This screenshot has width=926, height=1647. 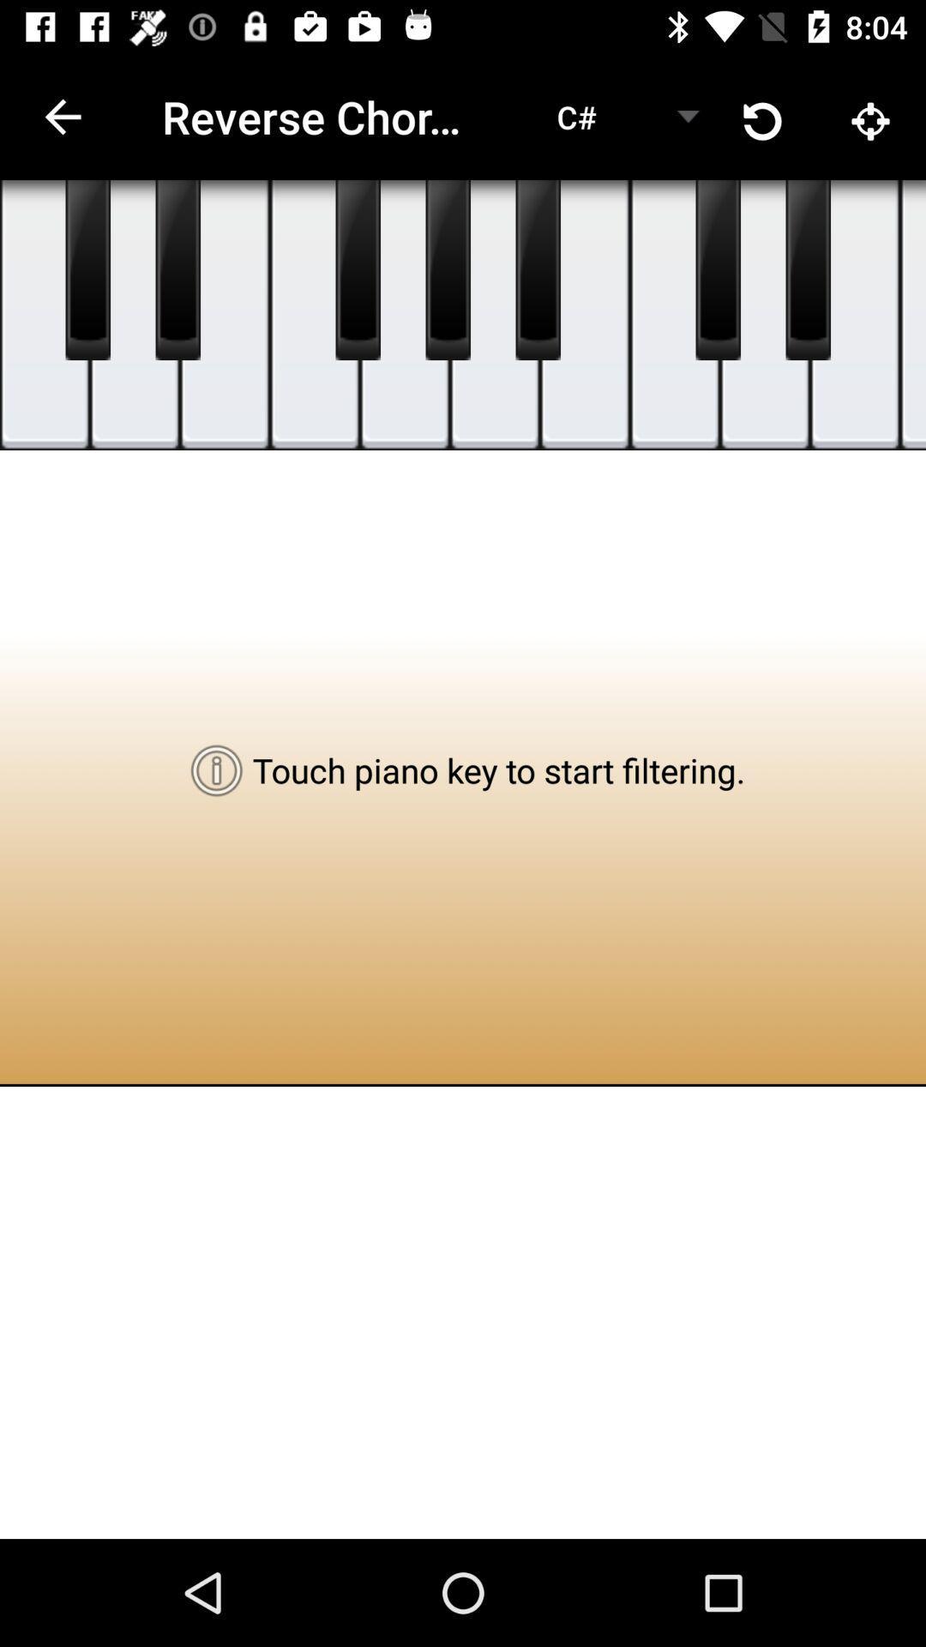 I want to click on the item above the touch piano key item, so click(x=537, y=269).